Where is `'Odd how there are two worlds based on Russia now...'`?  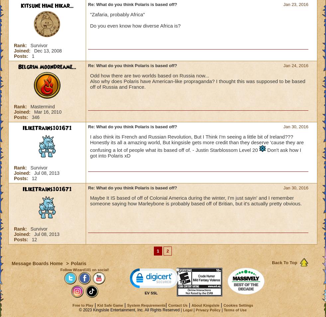
'Odd how there are two worlds based on Russia now...' is located at coordinates (89, 75).